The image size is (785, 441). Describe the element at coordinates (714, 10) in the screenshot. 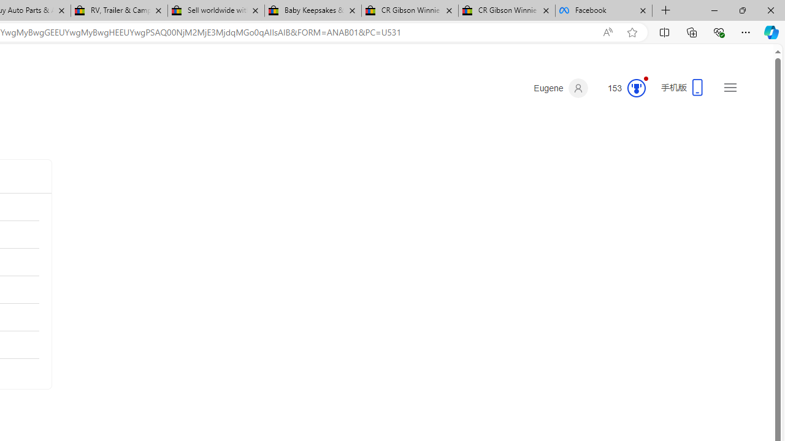

I see `'Minimize'` at that location.